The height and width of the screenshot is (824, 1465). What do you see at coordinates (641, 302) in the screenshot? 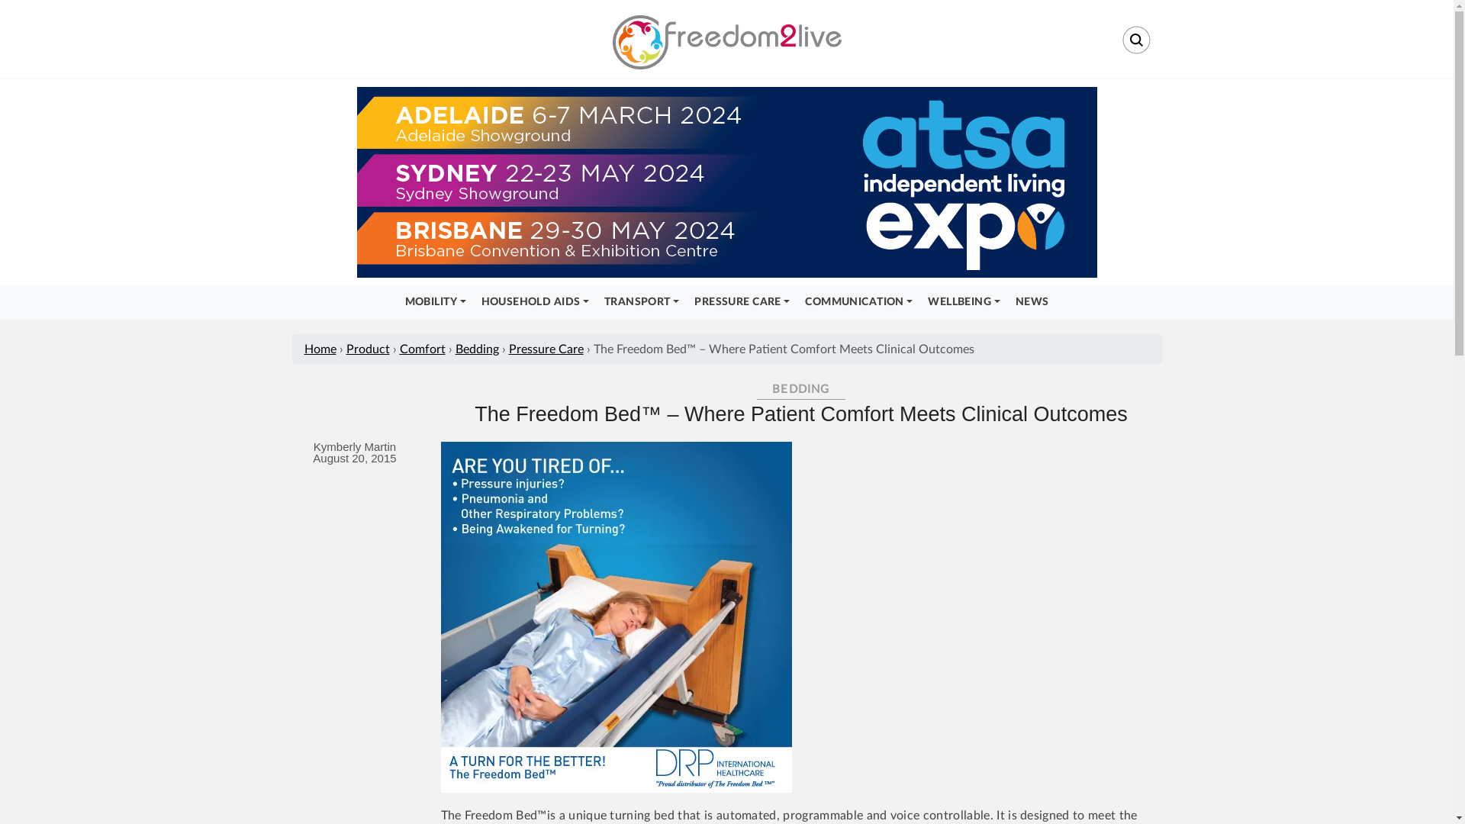
I see `'TRANSPORT'` at bounding box center [641, 302].